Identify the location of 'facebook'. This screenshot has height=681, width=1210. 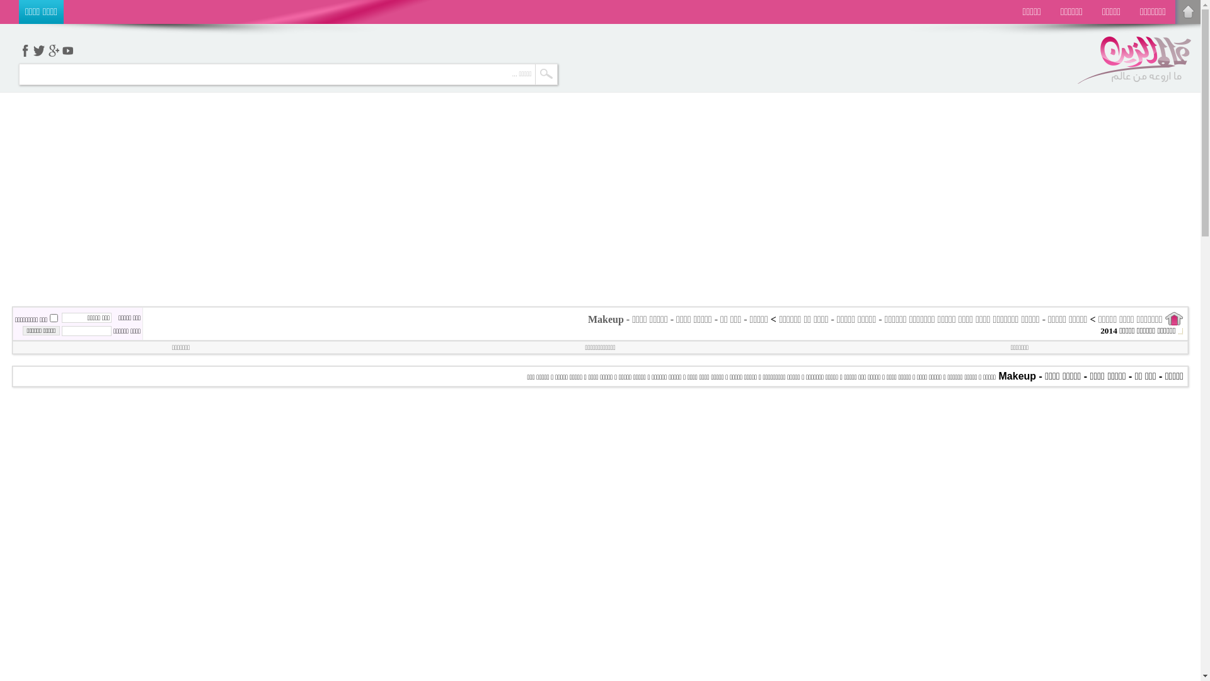
(25, 50).